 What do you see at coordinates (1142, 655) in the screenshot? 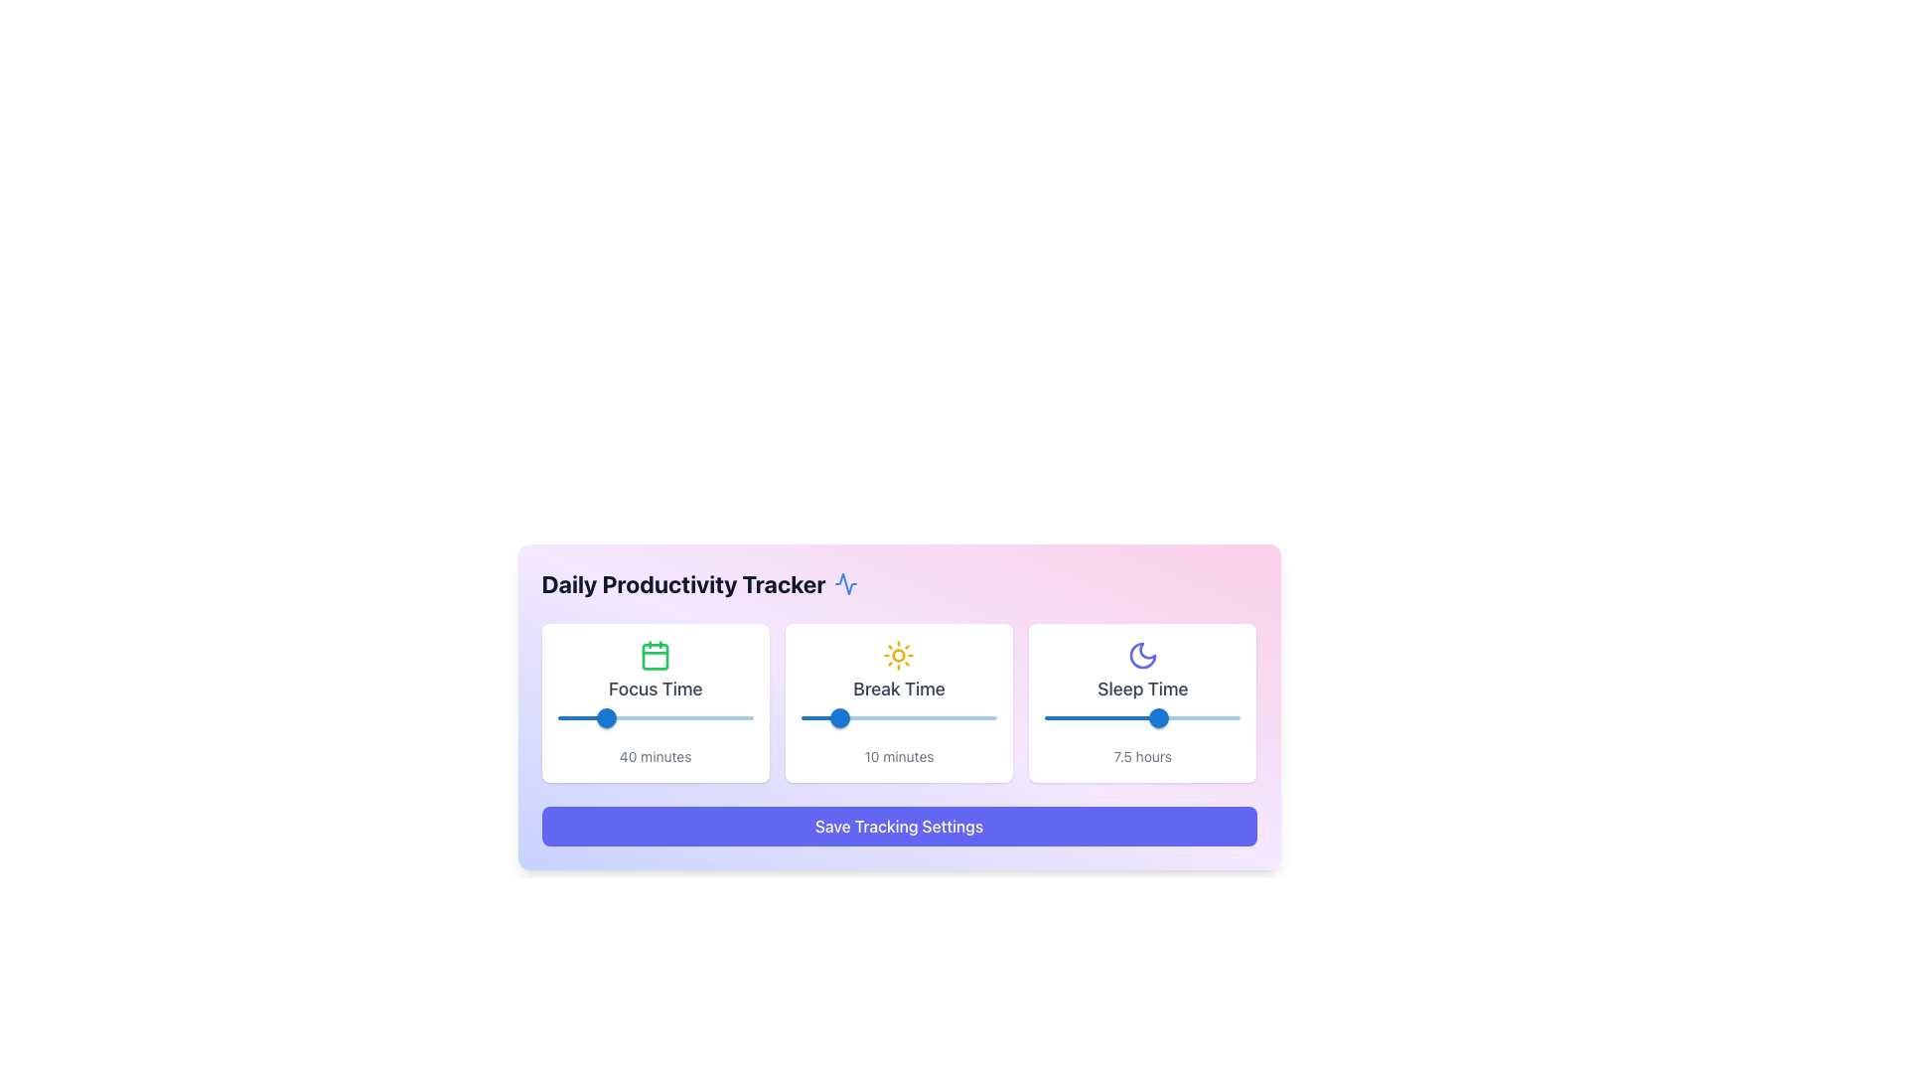
I see `the static display of the nighttime icon located at the center-left region of the 'Sleep Time' card in the productivity tracker interface` at bounding box center [1142, 655].